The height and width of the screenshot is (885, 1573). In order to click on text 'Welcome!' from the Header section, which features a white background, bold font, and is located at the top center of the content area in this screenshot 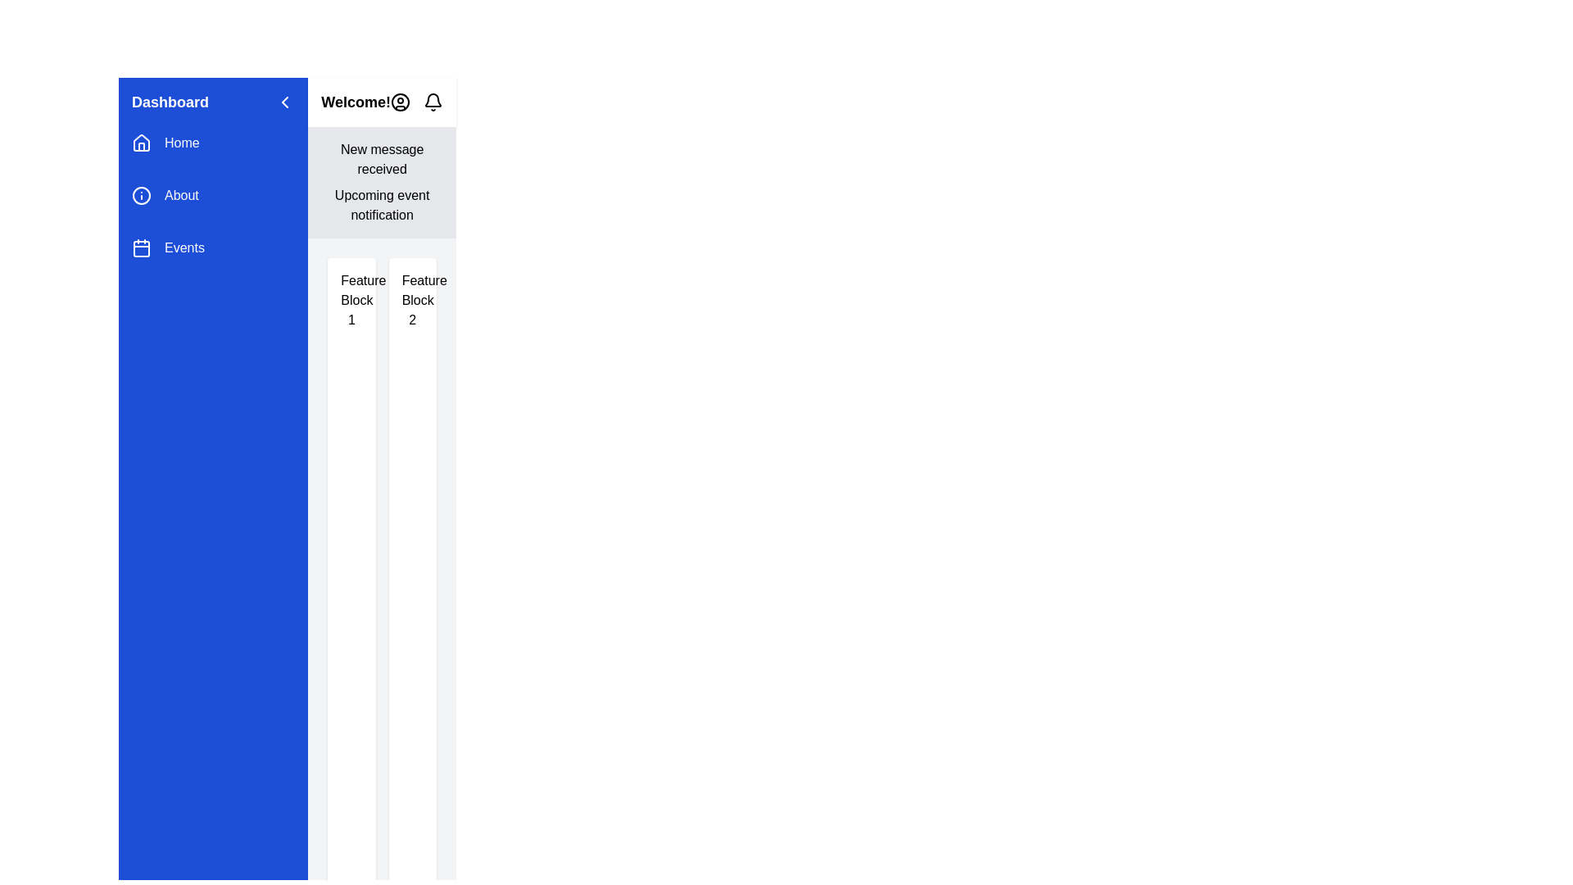, I will do `click(381, 102)`.